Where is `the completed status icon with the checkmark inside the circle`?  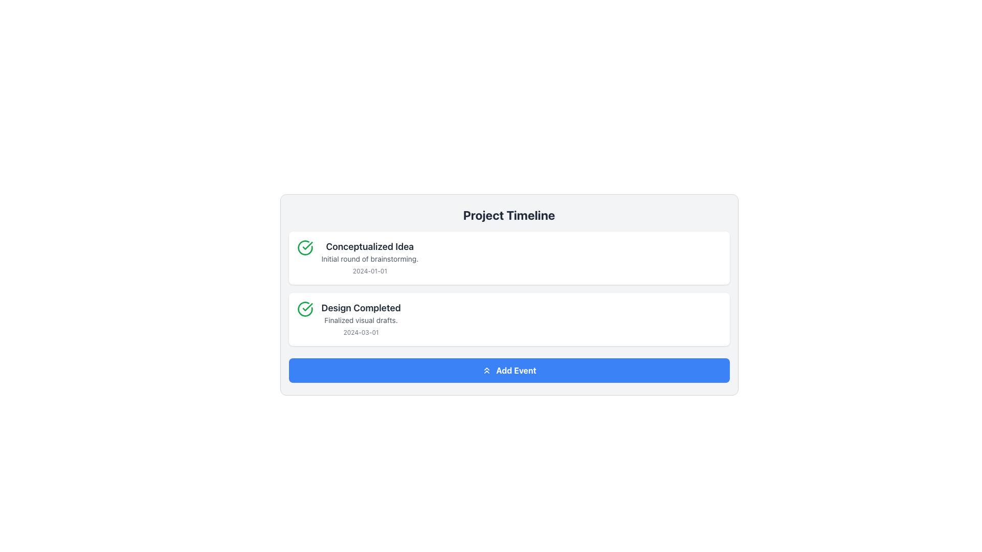 the completed status icon with the checkmark inside the circle is located at coordinates (304, 248).